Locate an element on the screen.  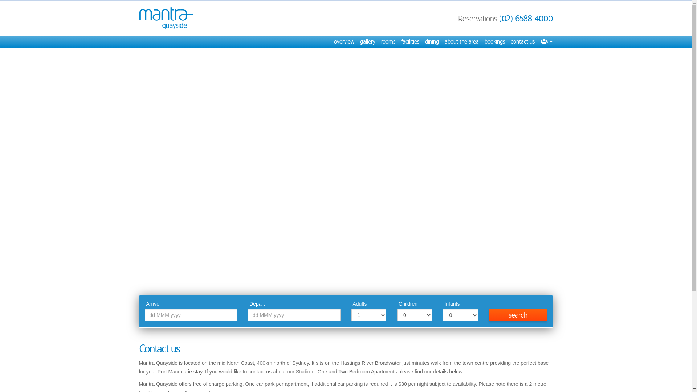
'overview' is located at coordinates (344, 42).